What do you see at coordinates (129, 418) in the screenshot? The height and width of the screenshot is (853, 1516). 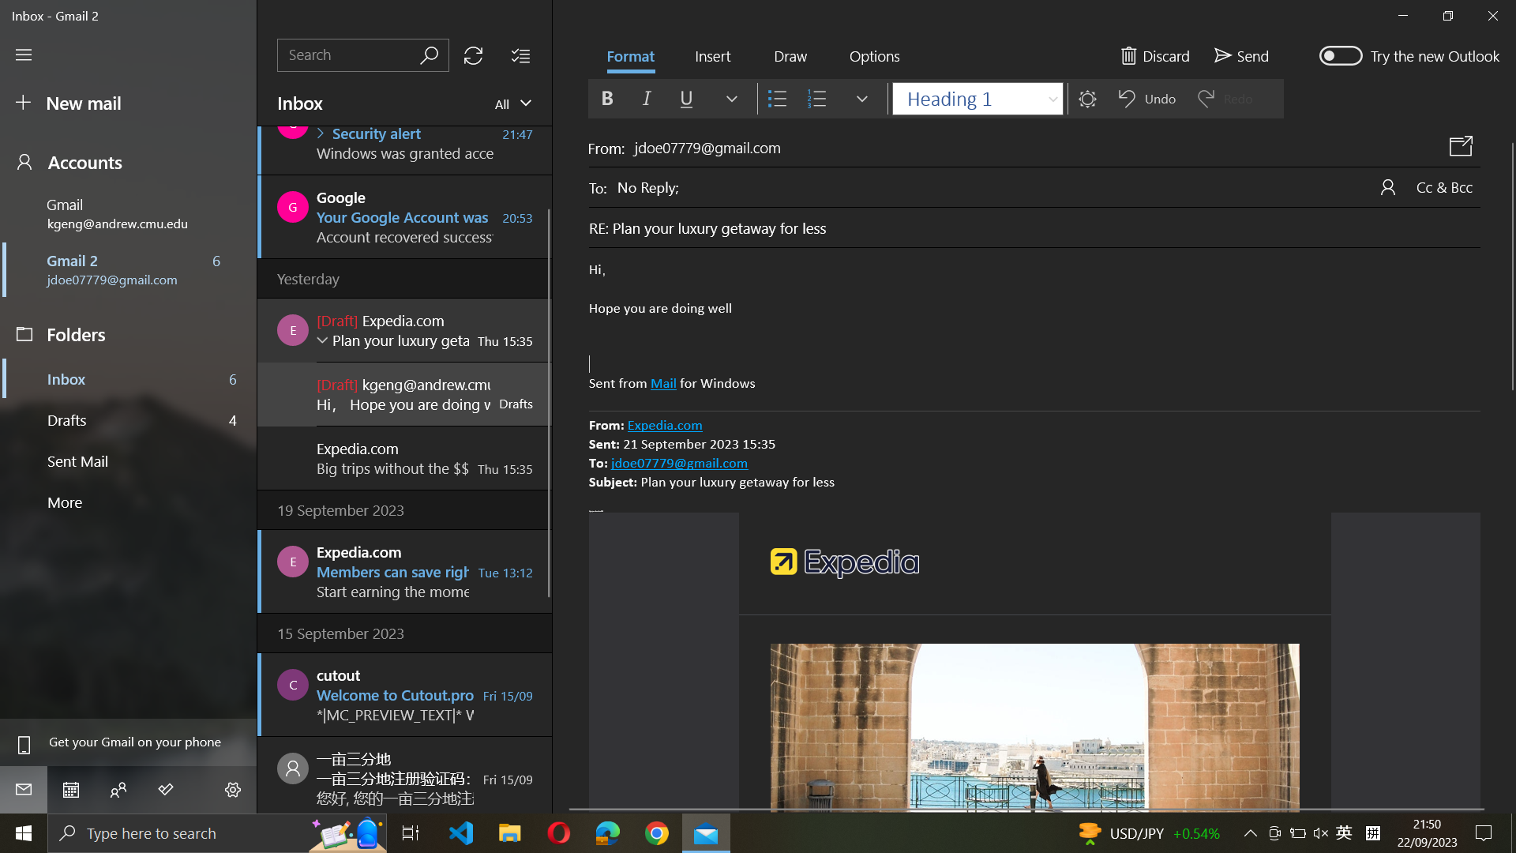 I see `the Drafts folder` at bounding box center [129, 418].